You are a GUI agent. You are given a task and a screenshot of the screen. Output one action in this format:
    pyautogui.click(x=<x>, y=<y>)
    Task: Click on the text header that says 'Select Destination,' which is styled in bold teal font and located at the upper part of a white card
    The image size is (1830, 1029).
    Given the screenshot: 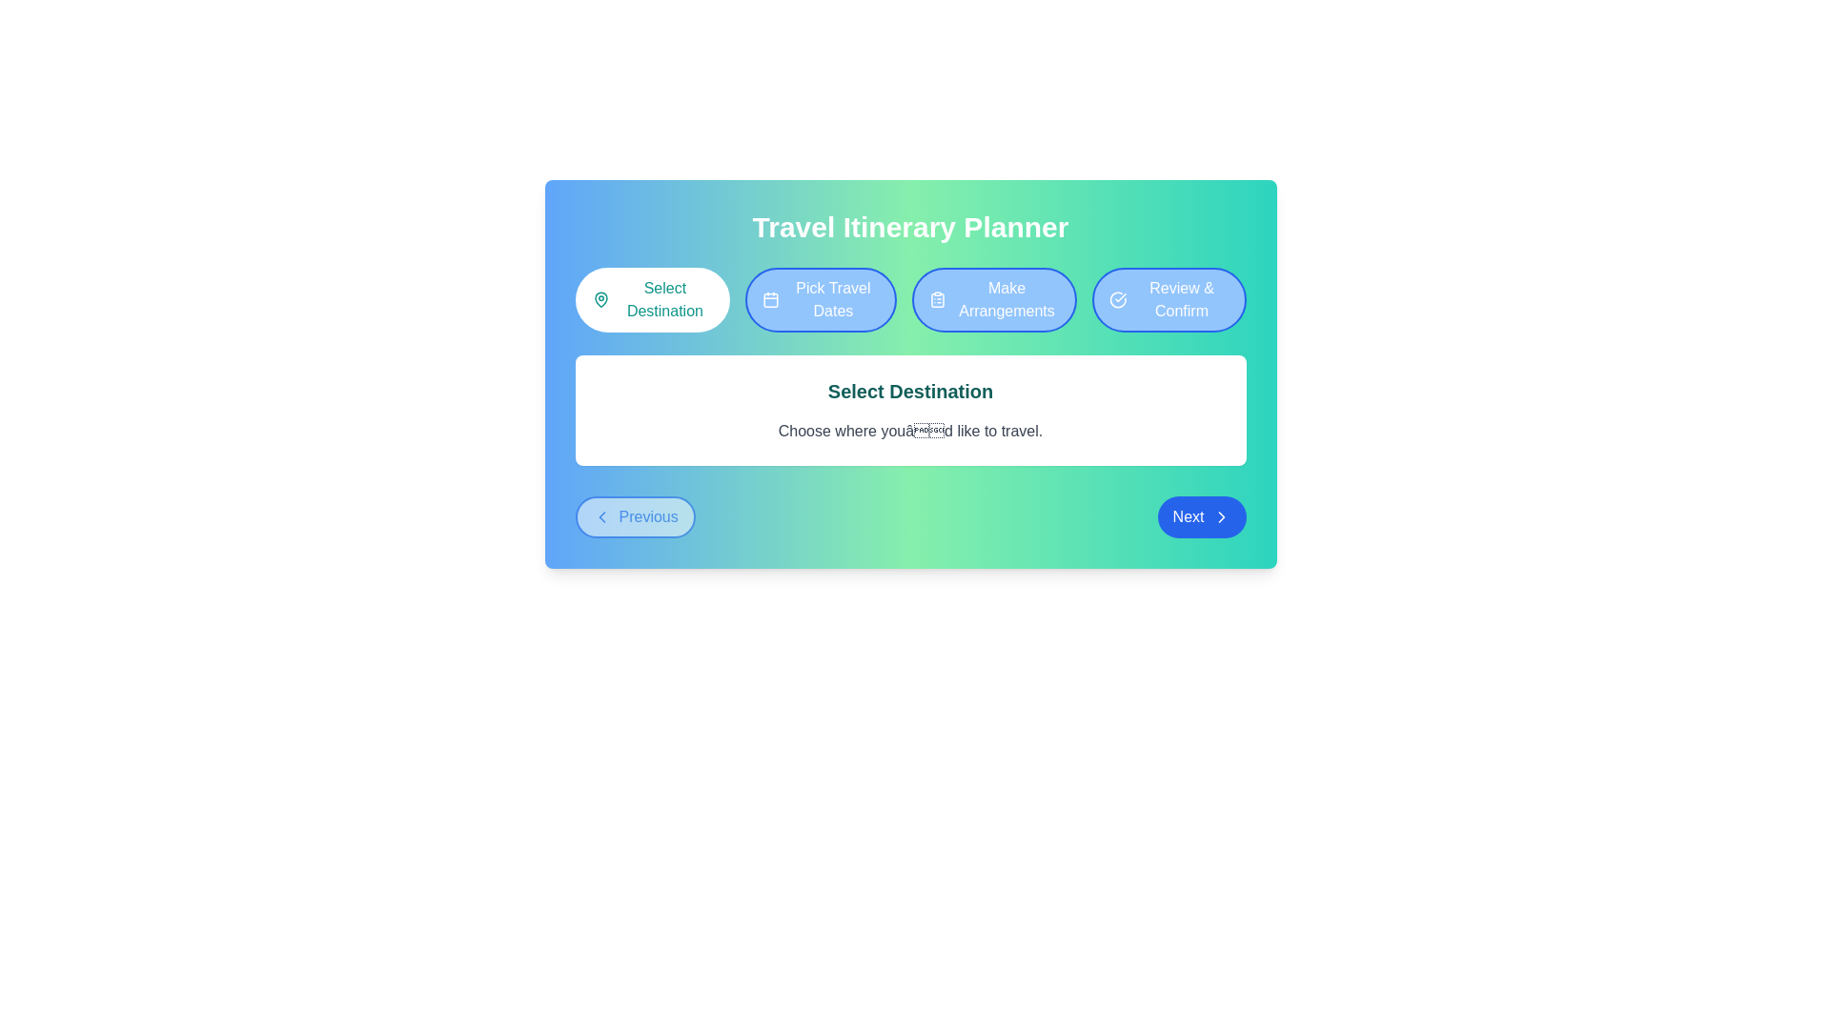 What is the action you would take?
    pyautogui.click(x=909, y=391)
    